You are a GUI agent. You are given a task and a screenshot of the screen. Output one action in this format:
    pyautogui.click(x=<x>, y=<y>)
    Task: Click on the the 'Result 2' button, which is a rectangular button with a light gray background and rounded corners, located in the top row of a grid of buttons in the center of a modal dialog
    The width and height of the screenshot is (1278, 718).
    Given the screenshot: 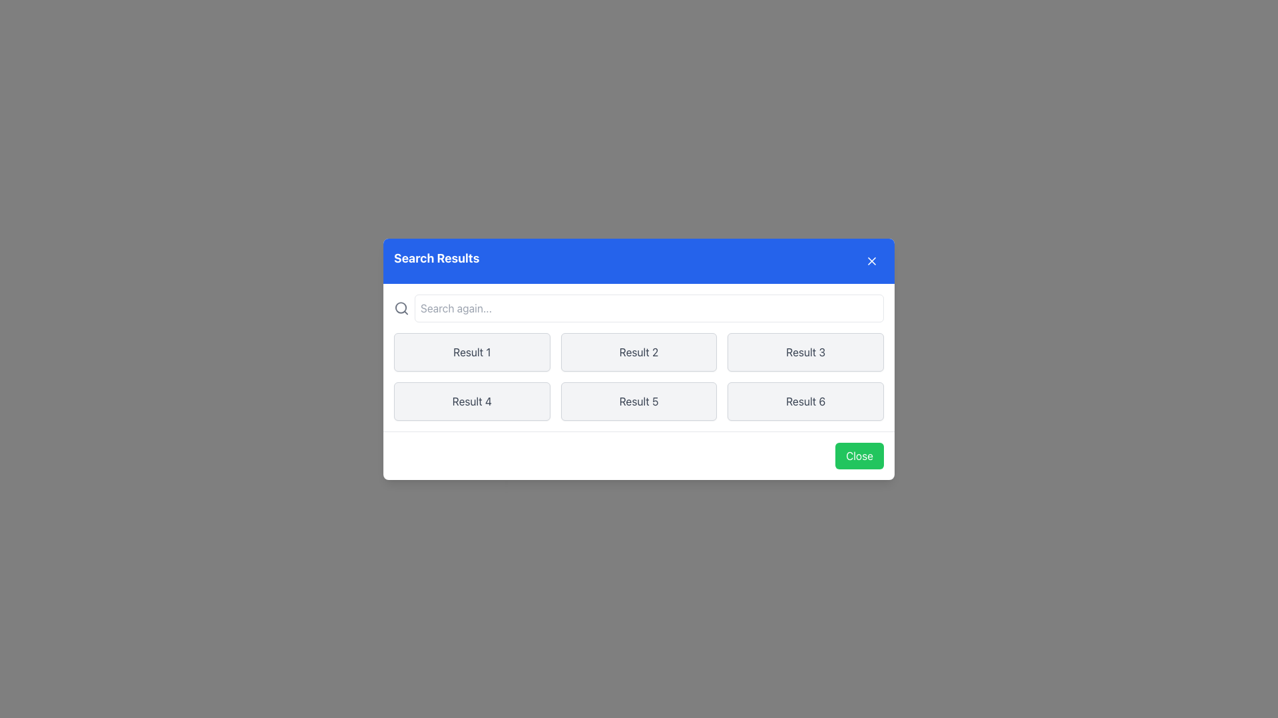 What is the action you would take?
    pyautogui.click(x=639, y=359)
    